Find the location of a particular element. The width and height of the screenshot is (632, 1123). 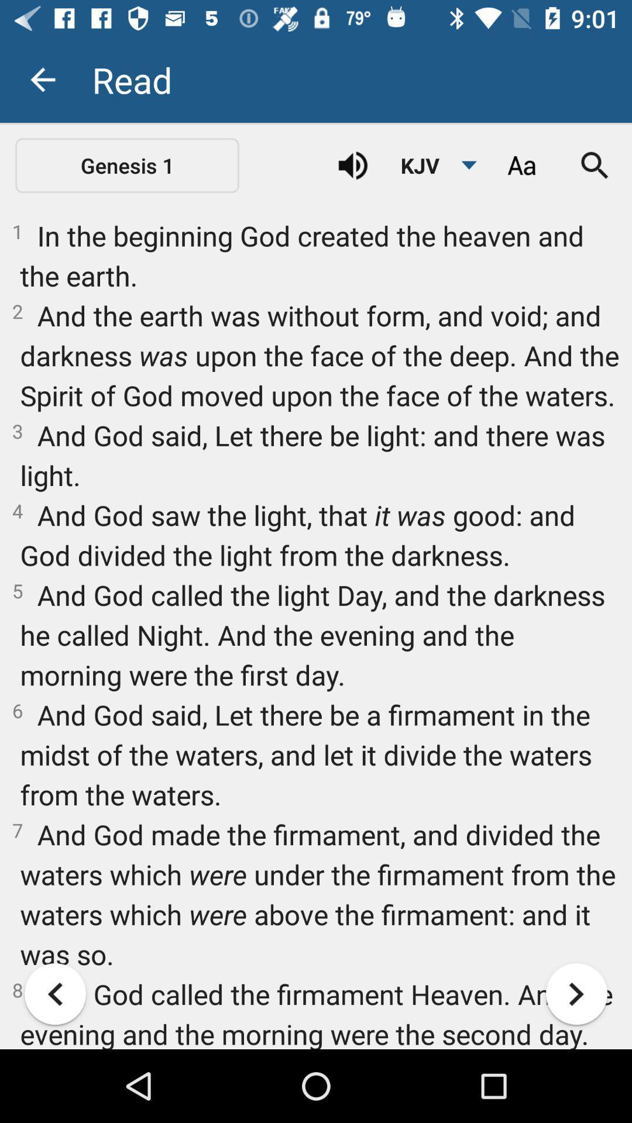

search is located at coordinates (595, 165).